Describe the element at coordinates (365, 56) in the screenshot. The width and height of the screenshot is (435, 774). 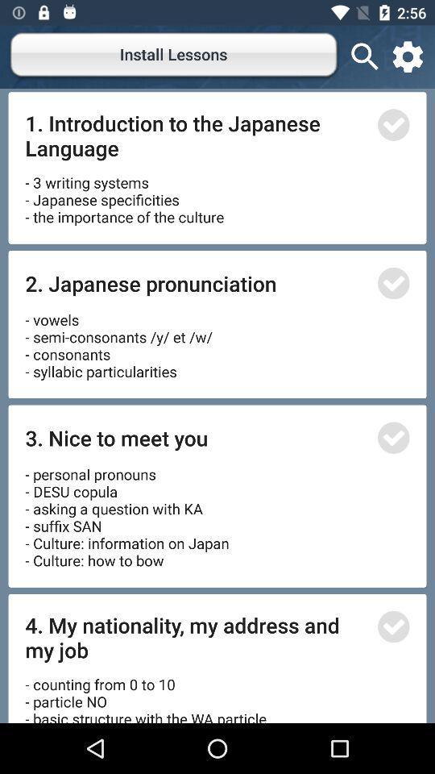
I see `the search icon` at that location.